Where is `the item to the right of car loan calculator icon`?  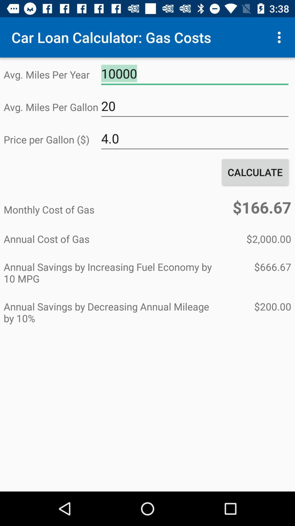 the item to the right of car loan calculator icon is located at coordinates (281, 37).